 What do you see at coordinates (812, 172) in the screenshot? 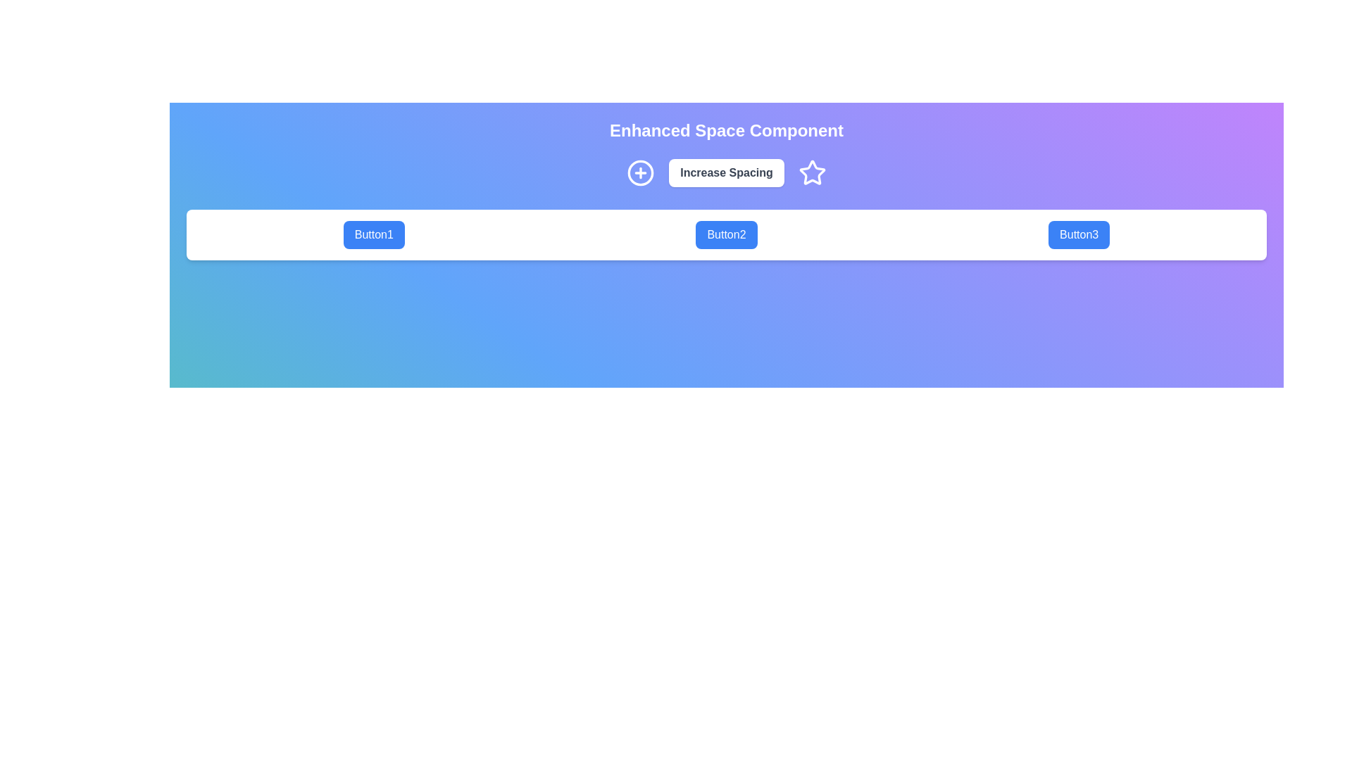
I see `the star icon located near the center-top of the page, adjacent to the 'Increase Spacing' button` at bounding box center [812, 172].